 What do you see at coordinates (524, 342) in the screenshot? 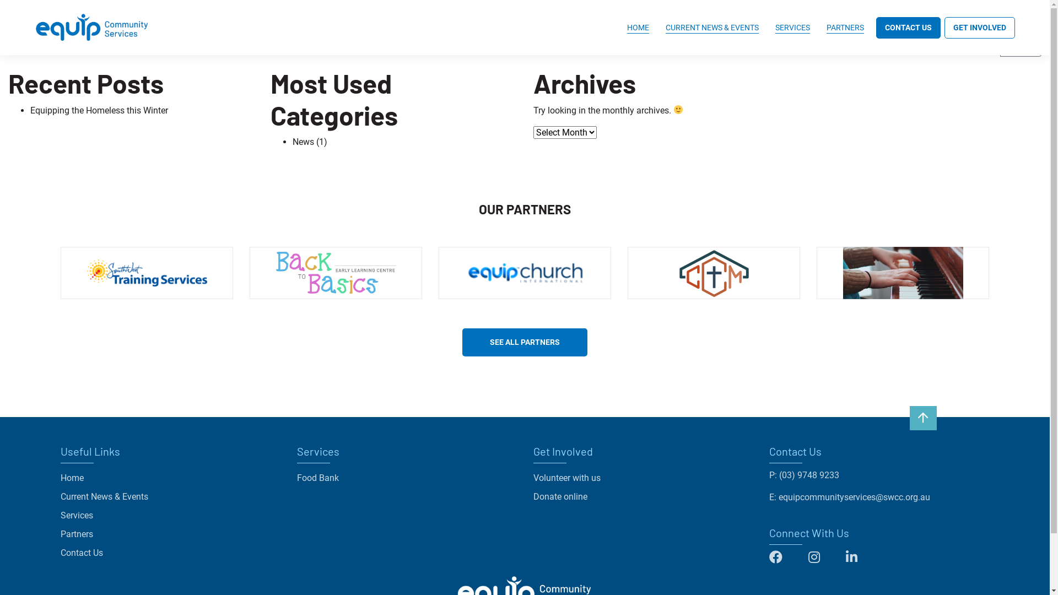
I see `'SEE ALL PARTNERS'` at bounding box center [524, 342].